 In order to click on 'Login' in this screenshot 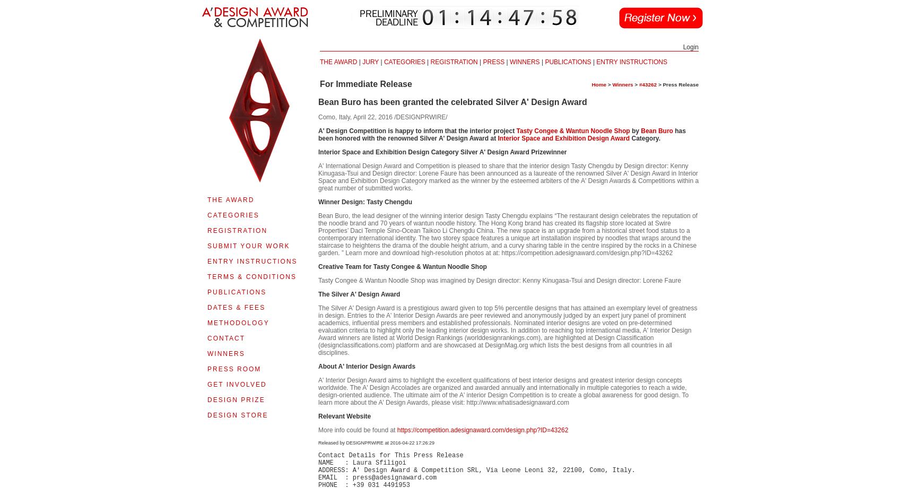, I will do `click(690, 47)`.